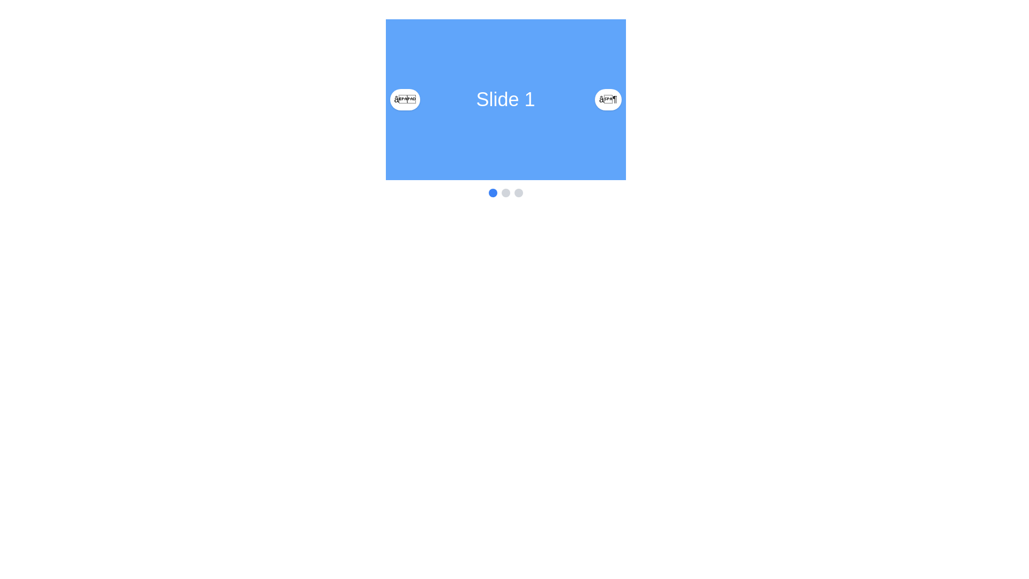 The width and height of the screenshot is (1029, 579). What do you see at coordinates (608, 99) in the screenshot?
I see `the right navigation button of the carousel` at bounding box center [608, 99].